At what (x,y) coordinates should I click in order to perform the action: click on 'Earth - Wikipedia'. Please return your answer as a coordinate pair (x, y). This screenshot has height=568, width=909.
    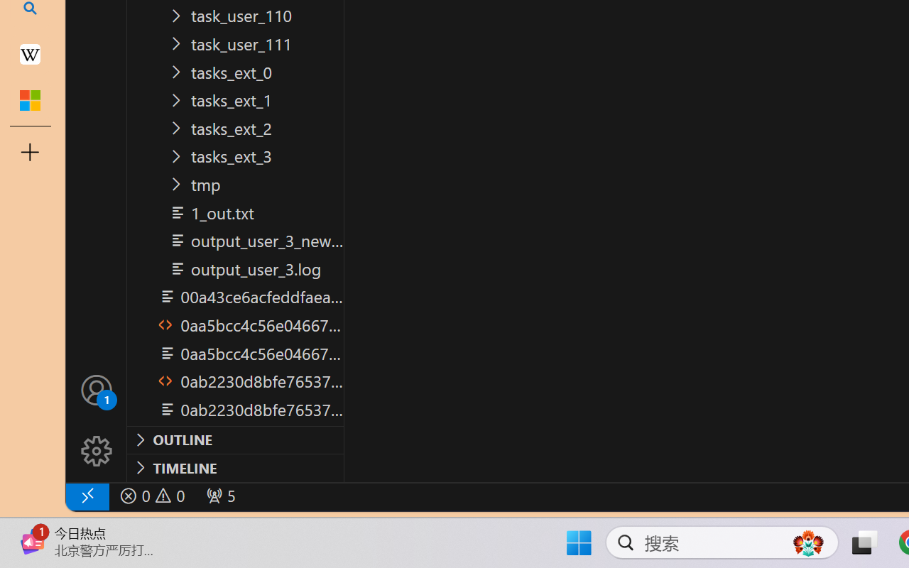
    Looking at the image, I should click on (30, 54).